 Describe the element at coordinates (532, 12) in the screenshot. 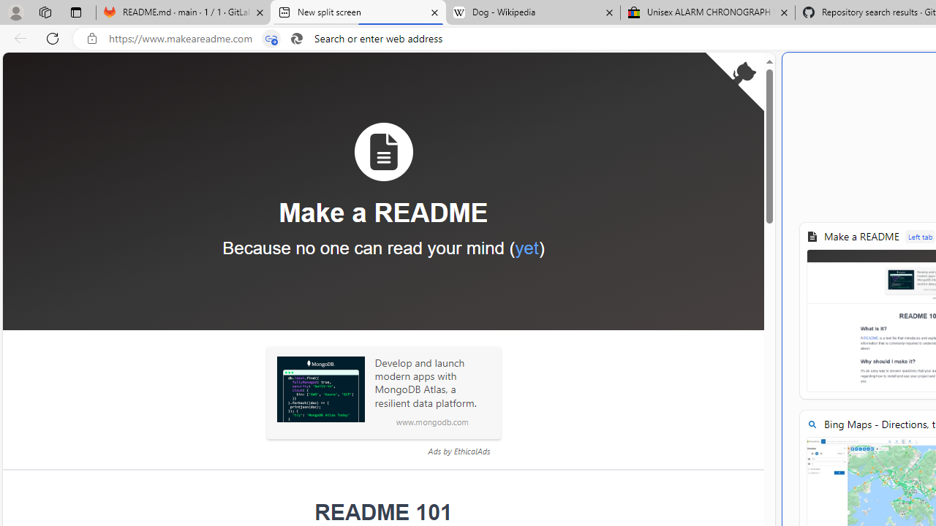

I see `'Dog - Wikipedia'` at that location.